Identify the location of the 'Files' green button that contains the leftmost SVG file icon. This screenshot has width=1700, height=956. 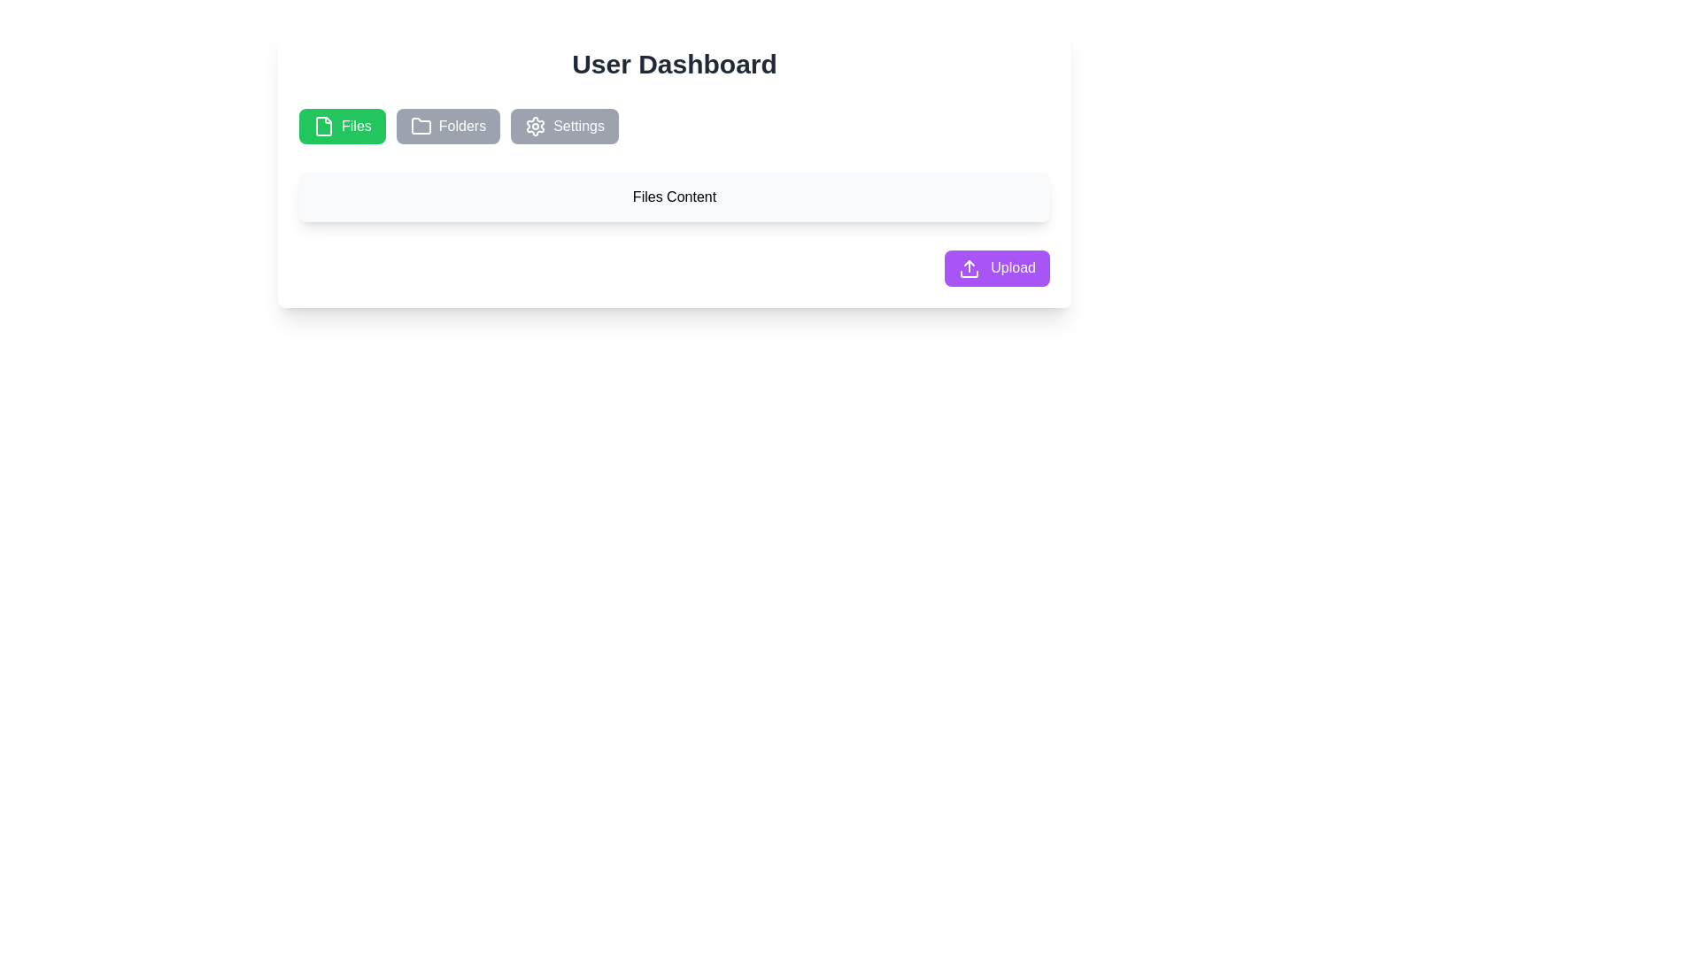
(323, 125).